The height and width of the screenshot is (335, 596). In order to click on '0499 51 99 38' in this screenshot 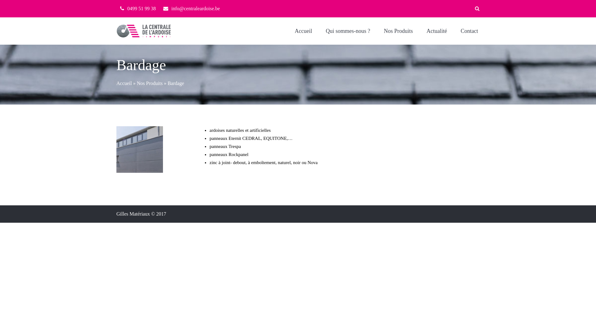, I will do `click(127, 8)`.